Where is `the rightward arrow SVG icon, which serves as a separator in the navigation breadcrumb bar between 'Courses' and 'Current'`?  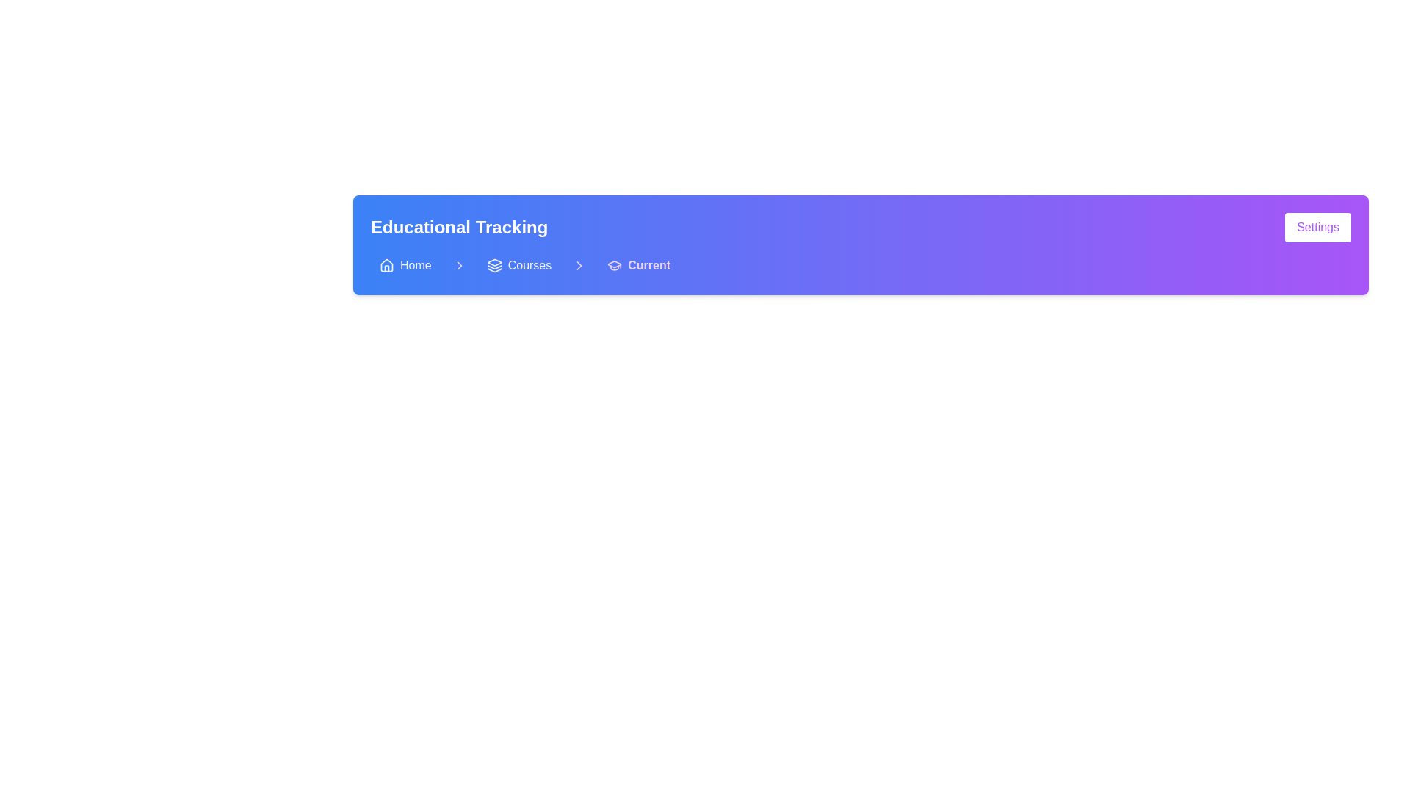
the rightward arrow SVG icon, which serves as a separator in the navigation breadcrumb bar between 'Courses' and 'Current' is located at coordinates (458, 266).